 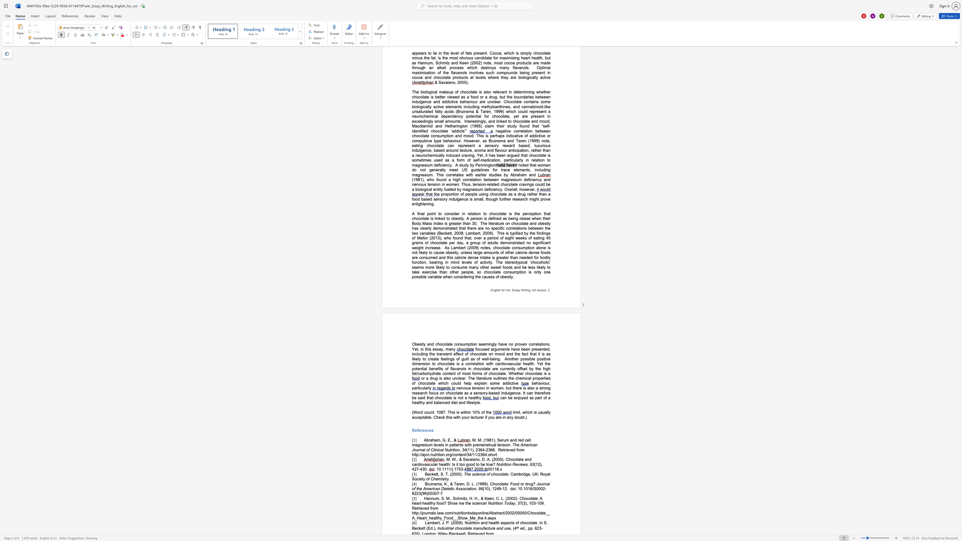 I want to click on the subset text "ckett, S." within the text "Beckett, S. T. (2000).", so click(x=429, y=474).